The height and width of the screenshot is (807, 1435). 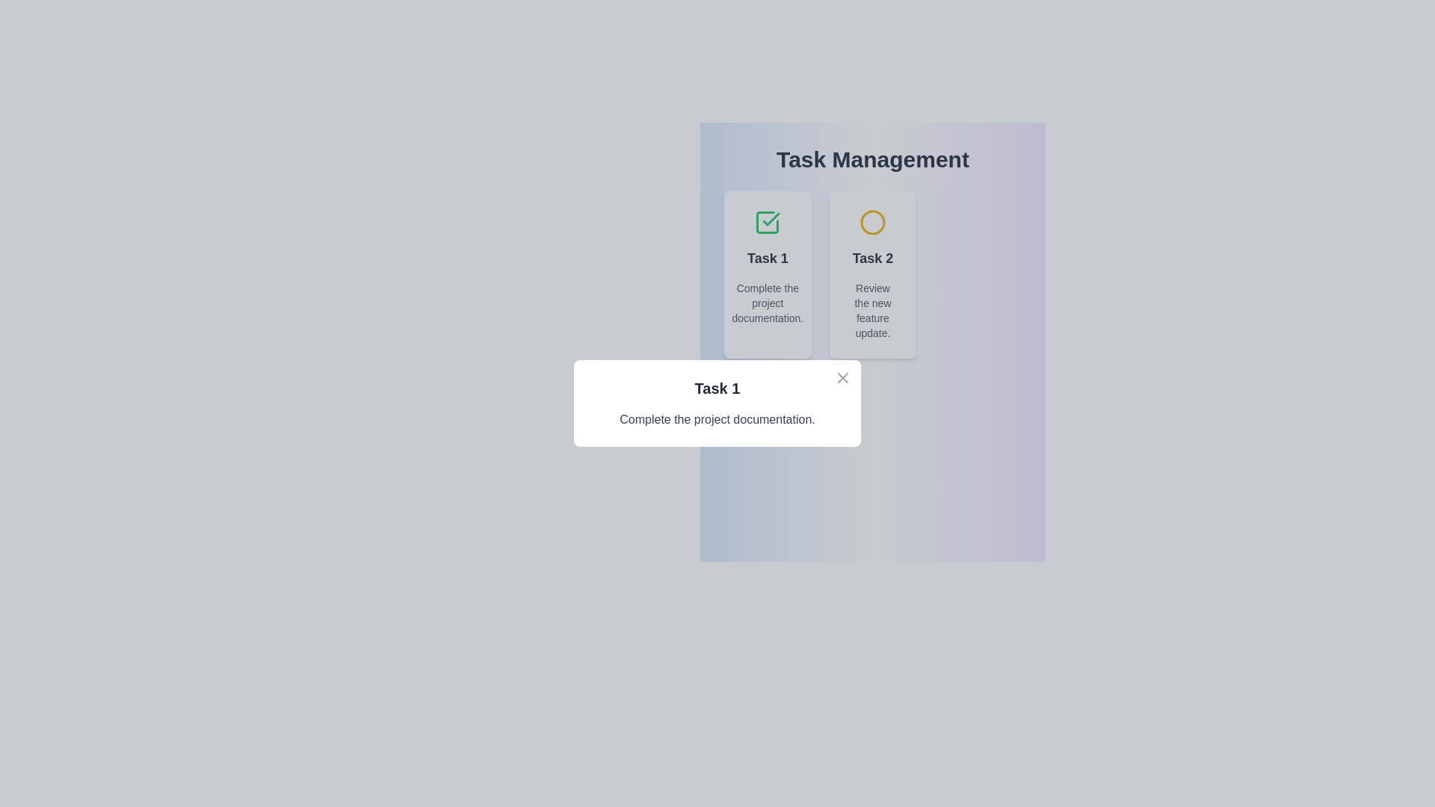 What do you see at coordinates (872, 222) in the screenshot?
I see `the circular icon associated with 'Task 2'` at bounding box center [872, 222].